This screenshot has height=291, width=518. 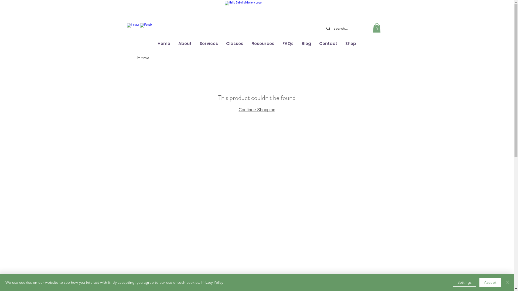 I want to click on 'Resources', so click(x=263, y=43).